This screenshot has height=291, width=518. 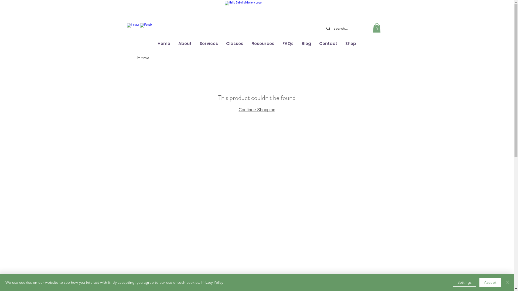 I want to click on 'Resources', so click(x=263, y=43).